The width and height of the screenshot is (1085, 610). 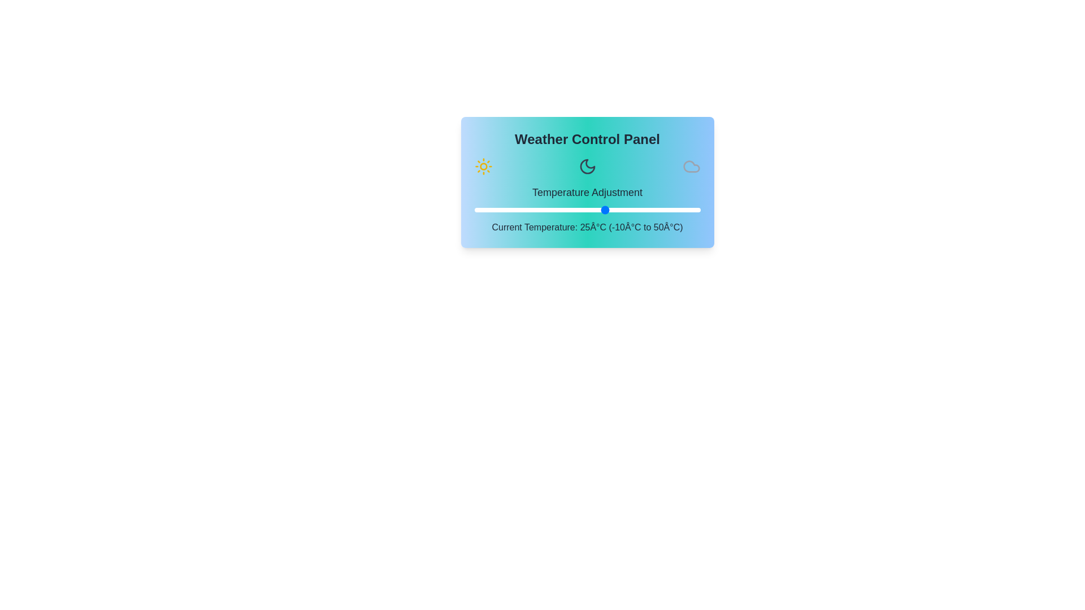 I want to click on the moon icon to interact with it, so click(x=587, y=166).